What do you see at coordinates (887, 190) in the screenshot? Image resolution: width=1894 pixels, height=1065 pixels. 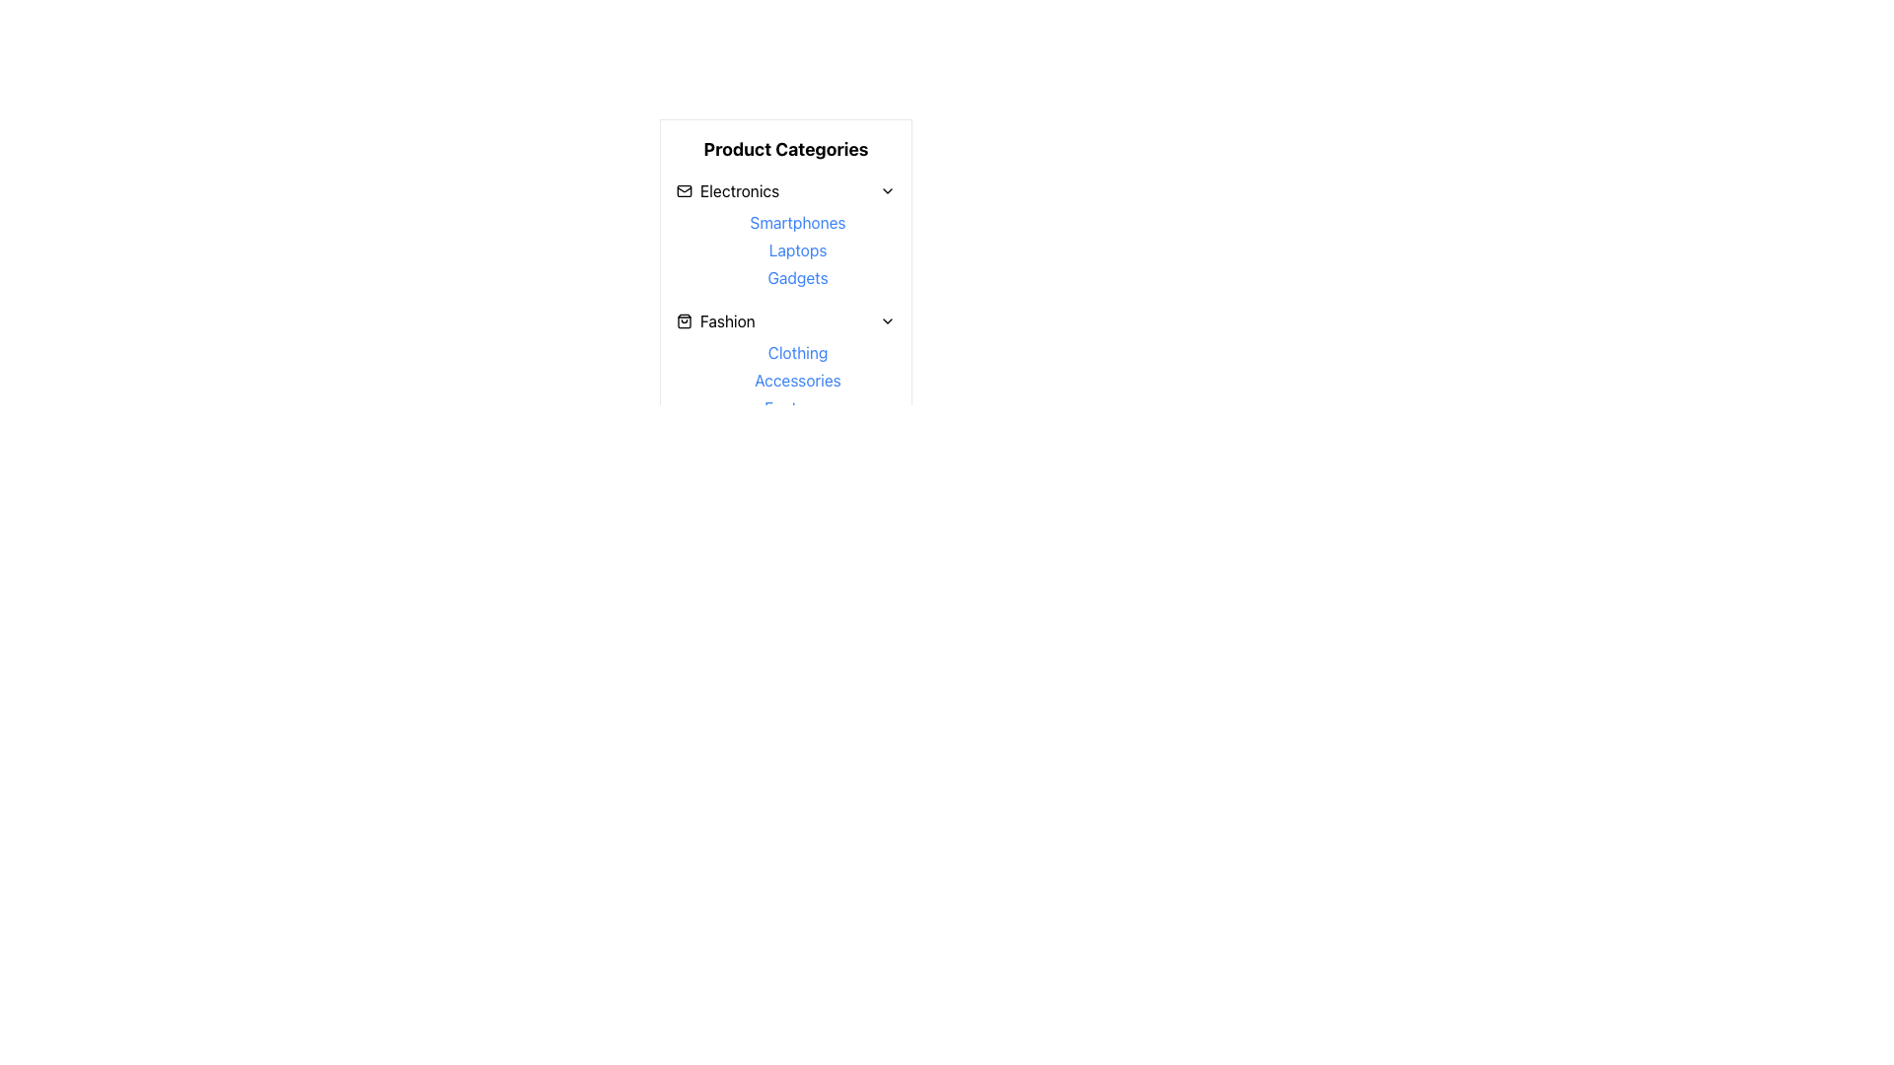 I see `the downward-pointing chevron icon located at the rightmost side of the 'Electronics' category heading` at bounding box center [887, 190].